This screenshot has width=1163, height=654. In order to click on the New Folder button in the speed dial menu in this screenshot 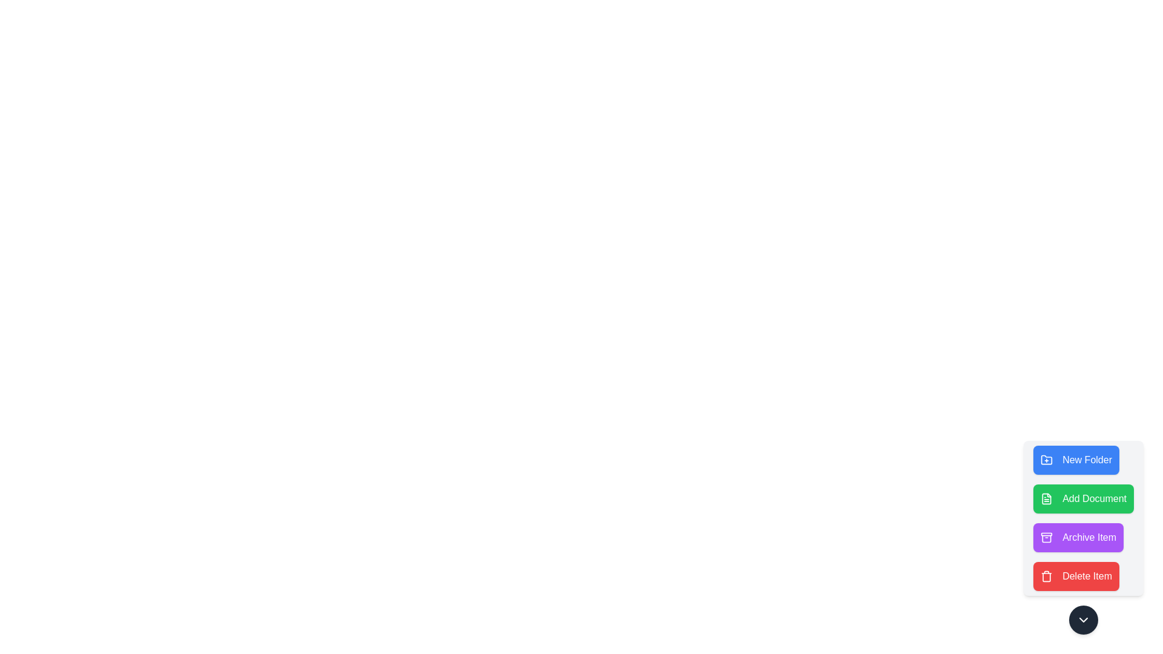, I will do `click(1076, 460)`.